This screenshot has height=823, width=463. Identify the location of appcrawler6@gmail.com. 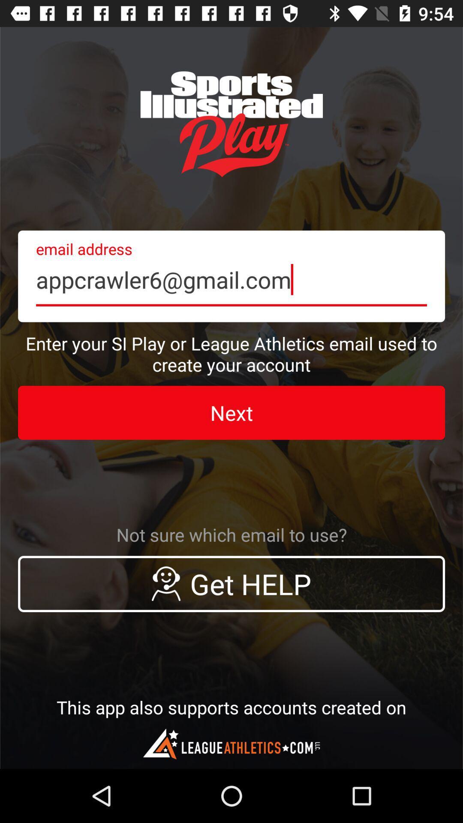
(231, 276).